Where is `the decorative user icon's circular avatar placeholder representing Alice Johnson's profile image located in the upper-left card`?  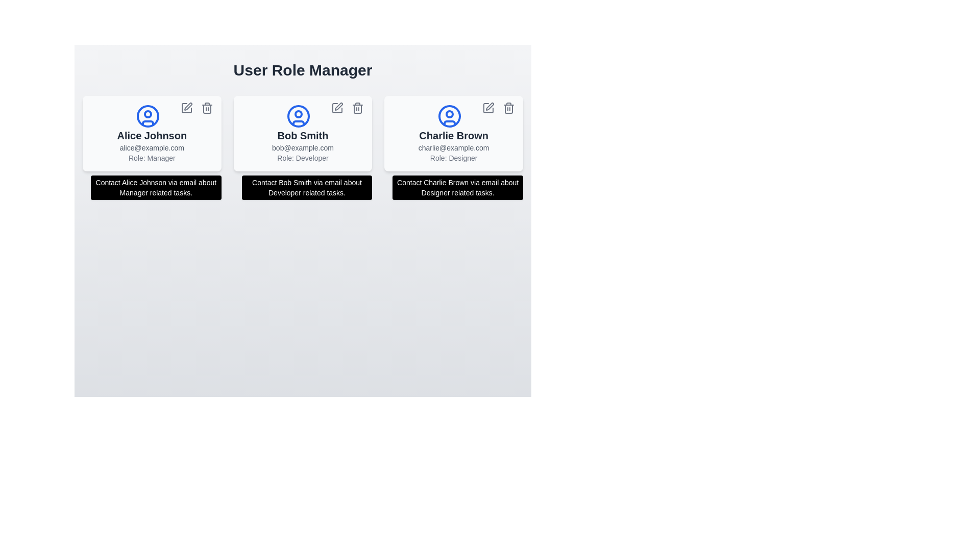 the decorative user icon's circular avatar placeholder representing Alice Johnson's profile image located in the upper-left card is located at coordinates (147, 114).